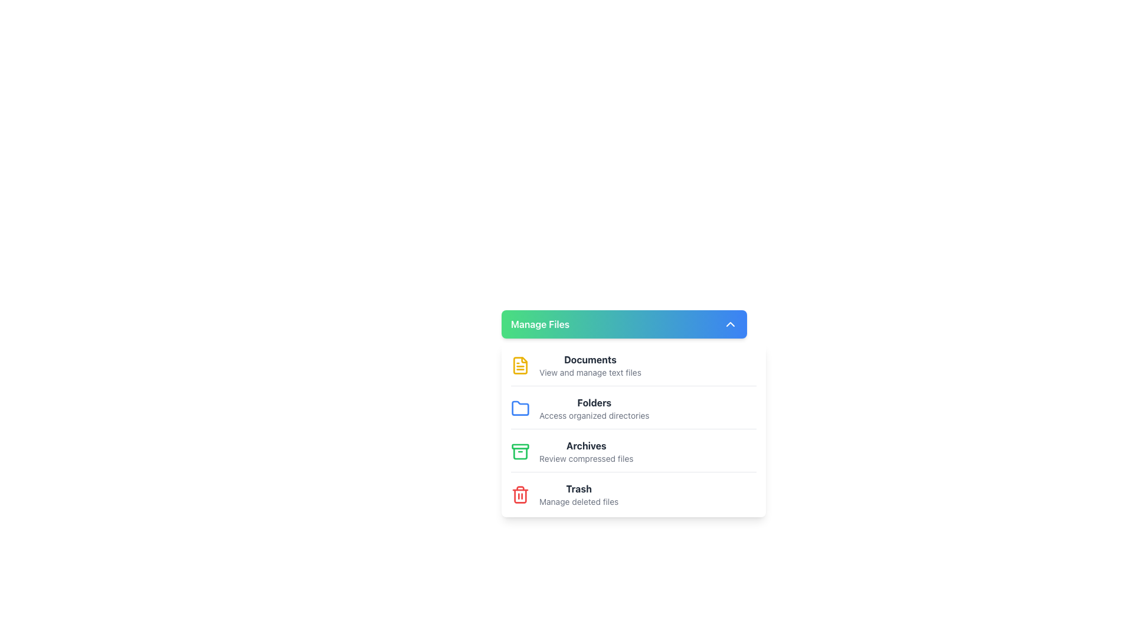  What do you see at coordinates (633, 495) in the screenshot?
I see `the fourth list item that manages deleted files, located at the bottom of the list` at bounding box center [633, 495].